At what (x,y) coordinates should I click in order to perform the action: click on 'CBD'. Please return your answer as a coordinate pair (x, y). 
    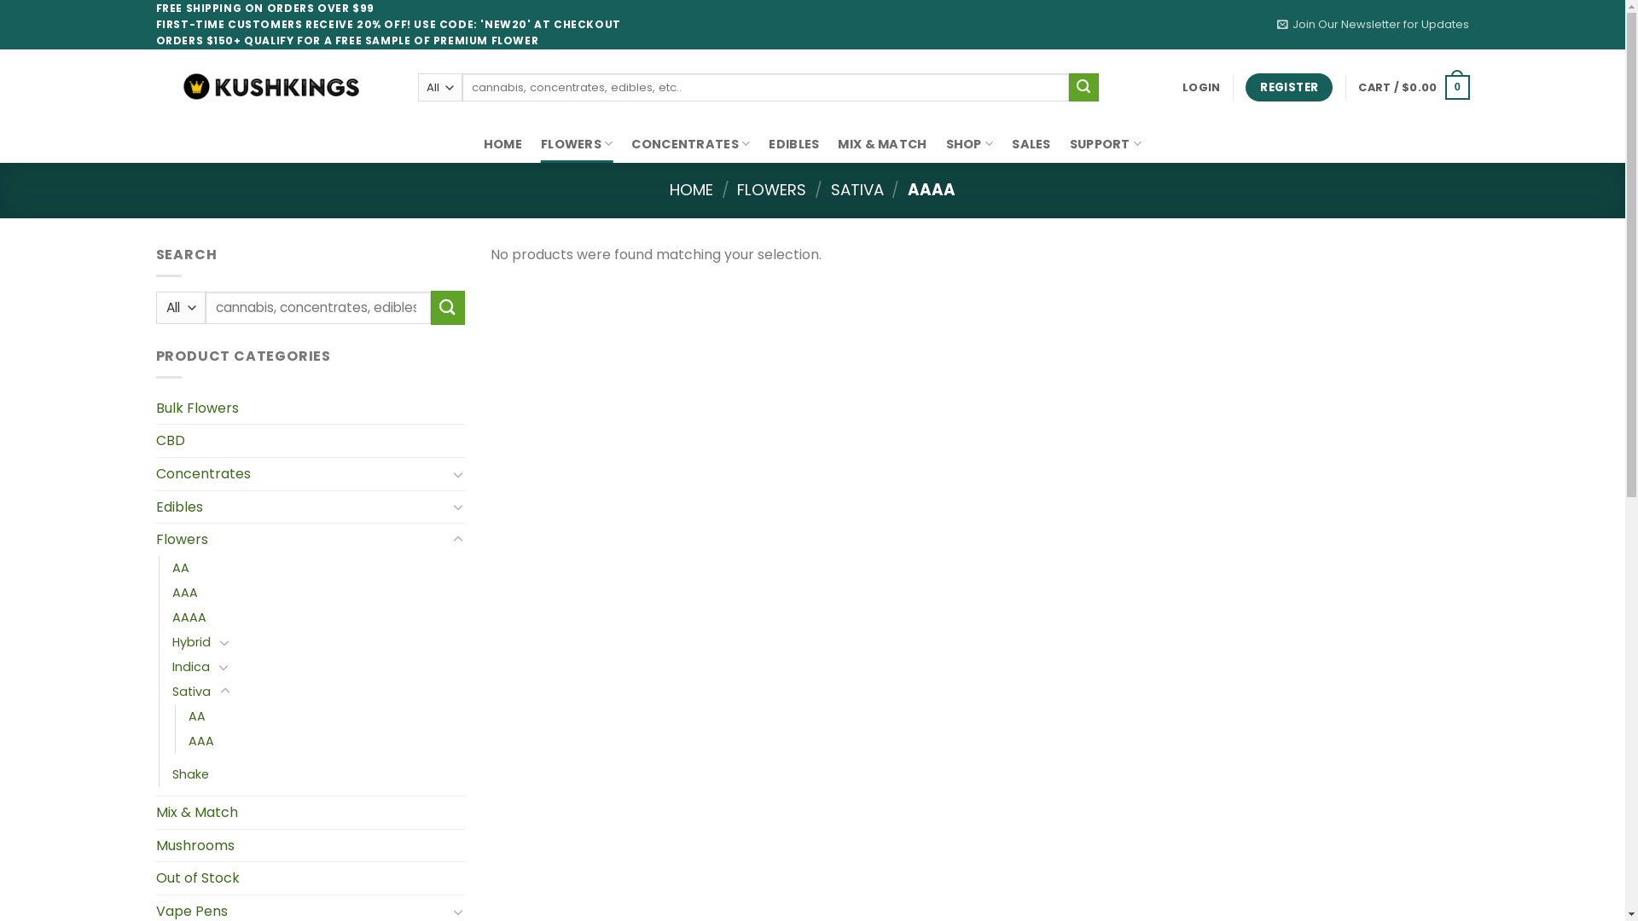
    Looking at the image, I should click on (310, 439).